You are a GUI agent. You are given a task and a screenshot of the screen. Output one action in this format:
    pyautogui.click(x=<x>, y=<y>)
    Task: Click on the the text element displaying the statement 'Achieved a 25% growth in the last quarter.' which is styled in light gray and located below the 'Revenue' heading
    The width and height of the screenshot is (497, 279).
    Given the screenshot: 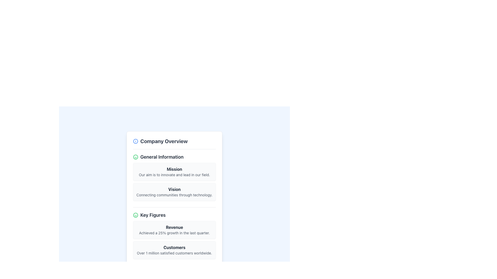 What is the action you would take?
    pyautogui.click(x=174, y=233)
    